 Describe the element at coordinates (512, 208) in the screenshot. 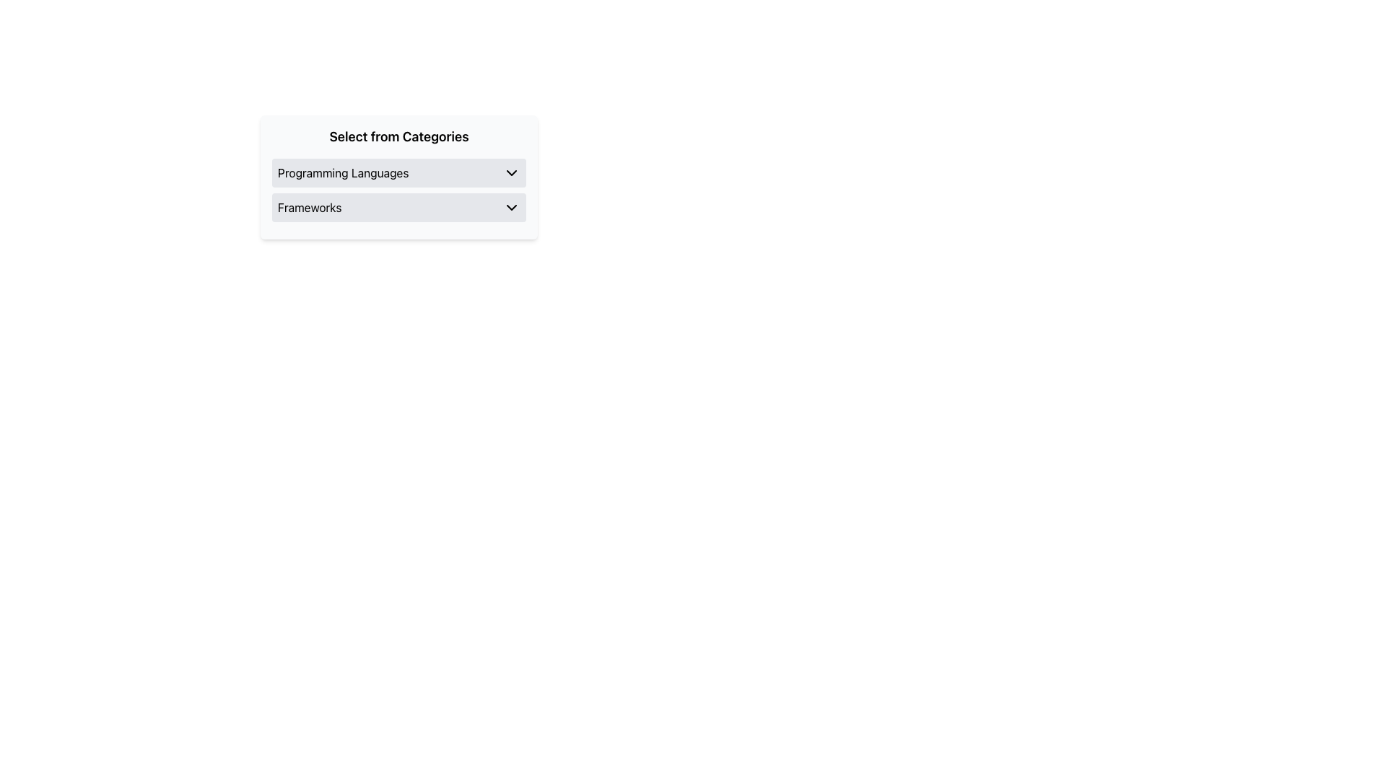

I see `the chevron icon button on the right side of the 'Frameworks' dropdown header to trigger a tooltip or visual response` at that location.